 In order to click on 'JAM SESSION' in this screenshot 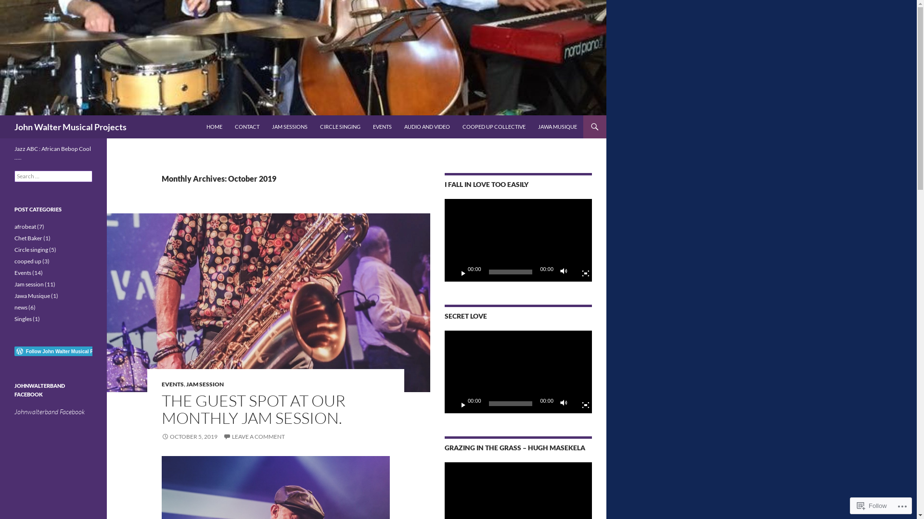, I will do `click(186, 383)`.